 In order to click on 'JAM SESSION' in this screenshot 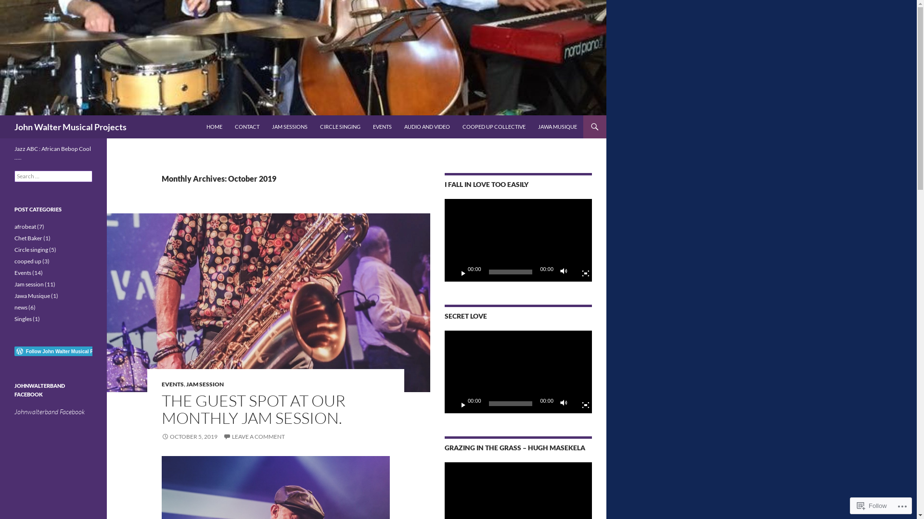, I will do `click(186, 383)`.